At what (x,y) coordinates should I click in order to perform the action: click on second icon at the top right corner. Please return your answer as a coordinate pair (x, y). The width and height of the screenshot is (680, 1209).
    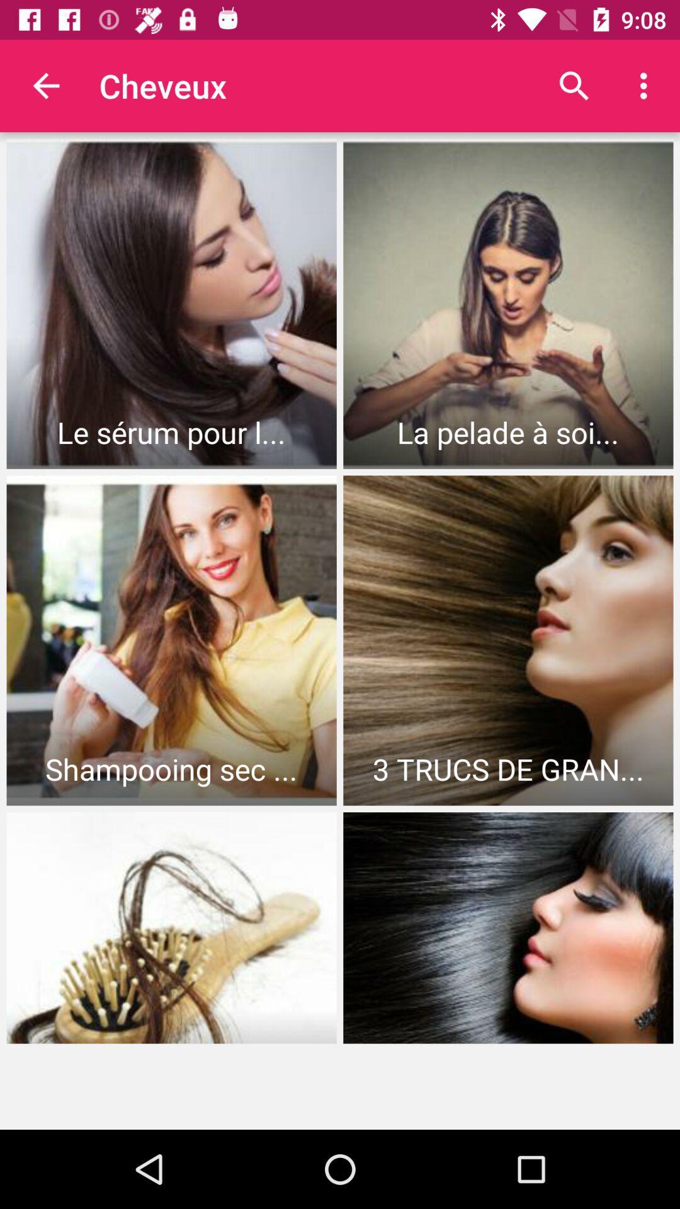
    Looking at the image, I should click on (647, 86).